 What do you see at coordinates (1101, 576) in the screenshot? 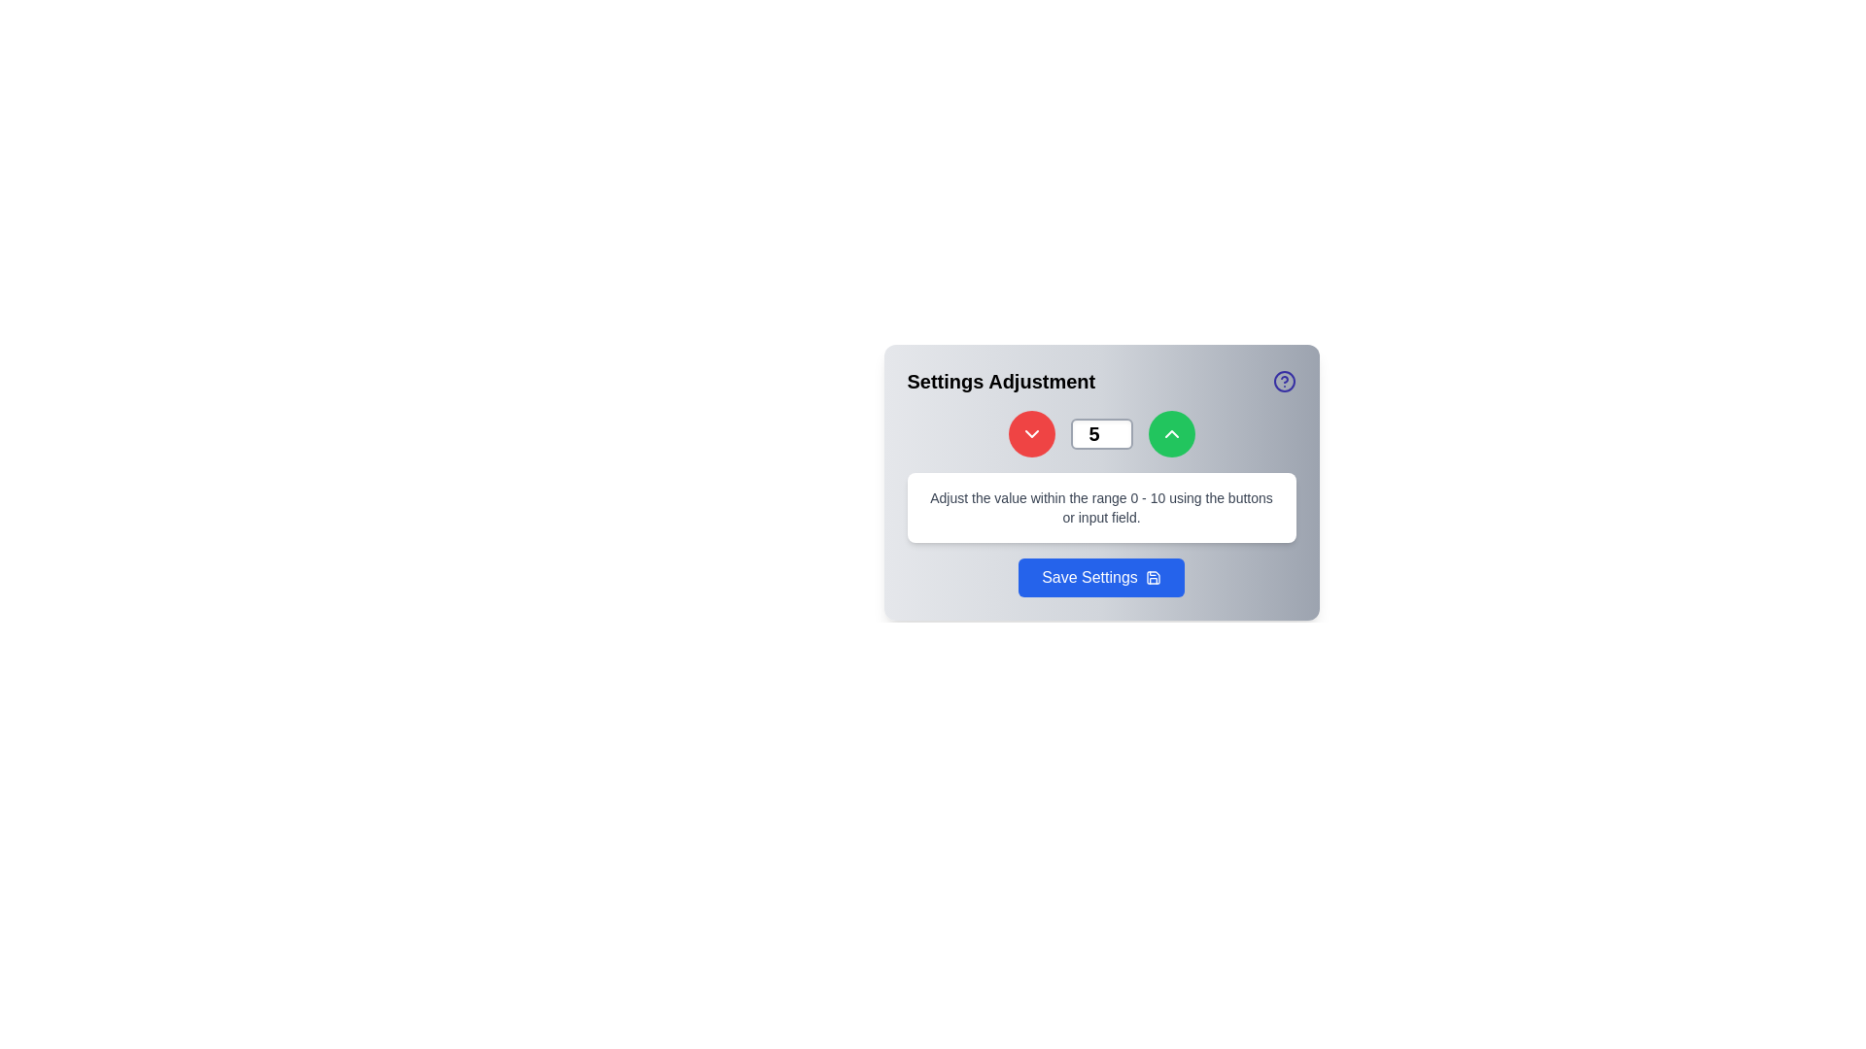
I see `the blue rectangular button labeled 'Save Settings' to observe its hover effect` at bounding box center [1101, 576].